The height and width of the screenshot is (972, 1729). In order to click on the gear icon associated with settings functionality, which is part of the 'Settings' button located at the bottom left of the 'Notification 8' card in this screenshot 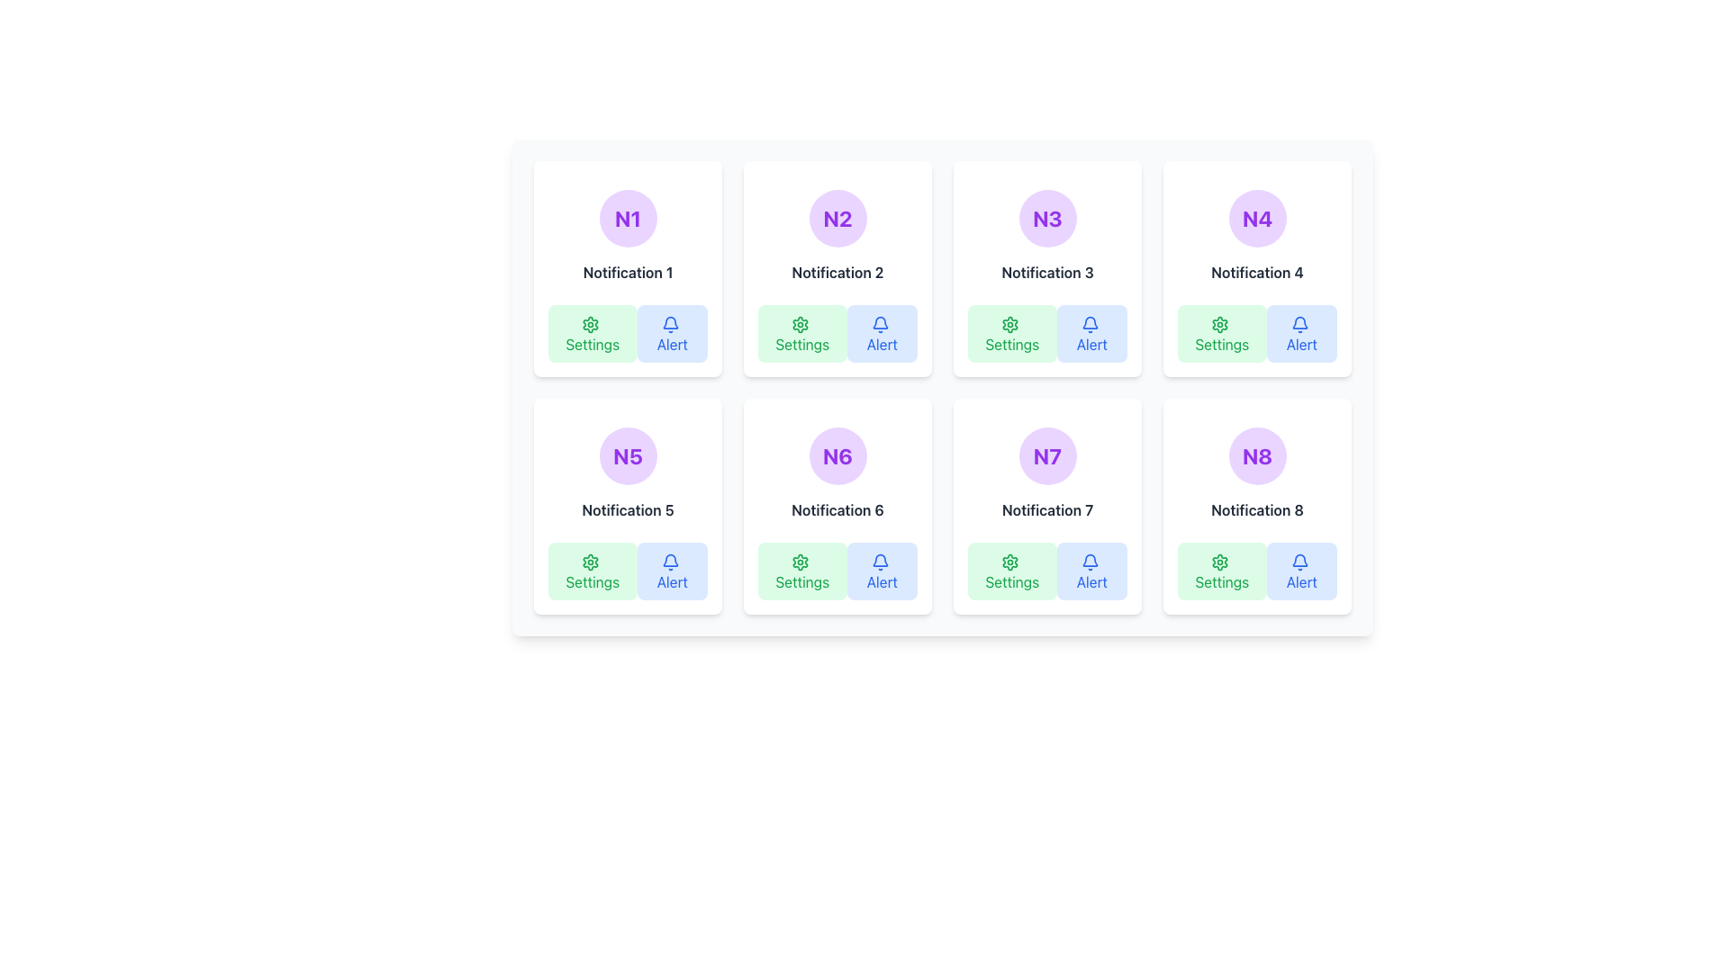, I will do `click(1220, 561)`.